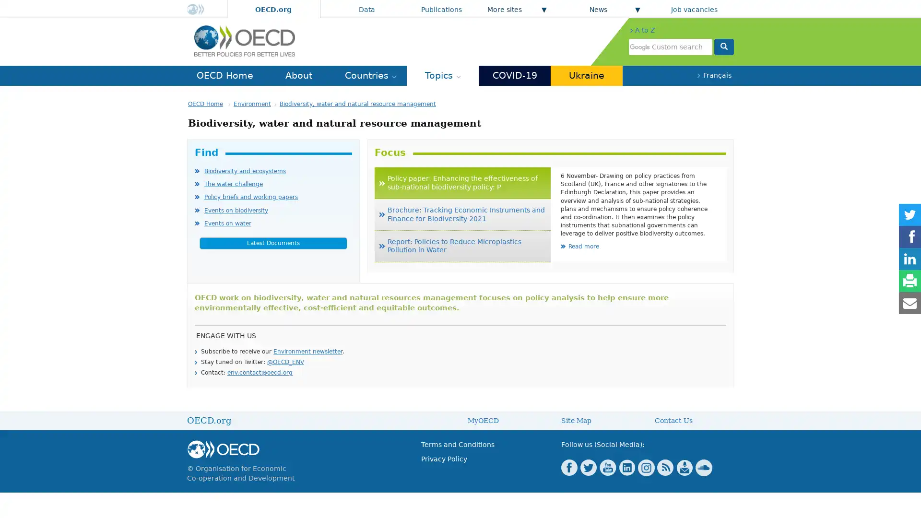 The image size is (921, 518). Describe the element at coordinates (442, 75) in the screenshot. I see `Topics` at that location.